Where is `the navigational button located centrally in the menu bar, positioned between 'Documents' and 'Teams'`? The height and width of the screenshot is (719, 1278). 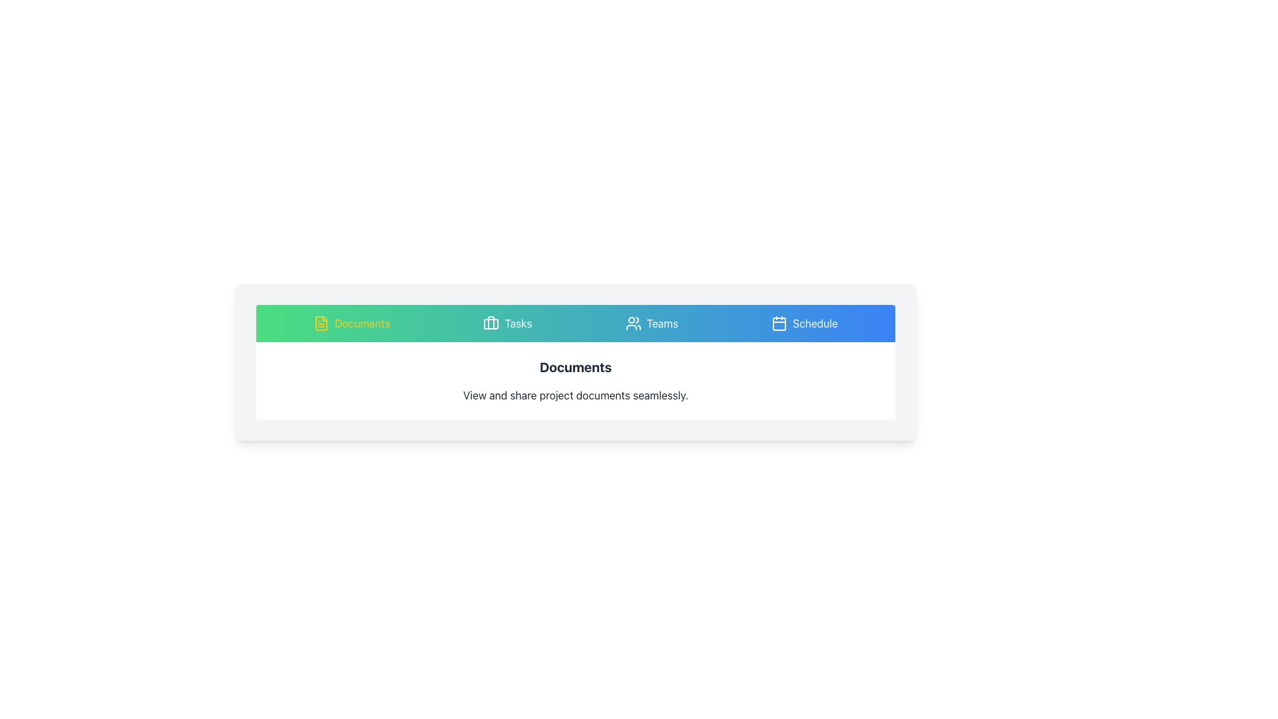
the navigational button located centrally in the menu bar, positioned between 'Documents' and 'Teams' is located at coordinates (507, 324).